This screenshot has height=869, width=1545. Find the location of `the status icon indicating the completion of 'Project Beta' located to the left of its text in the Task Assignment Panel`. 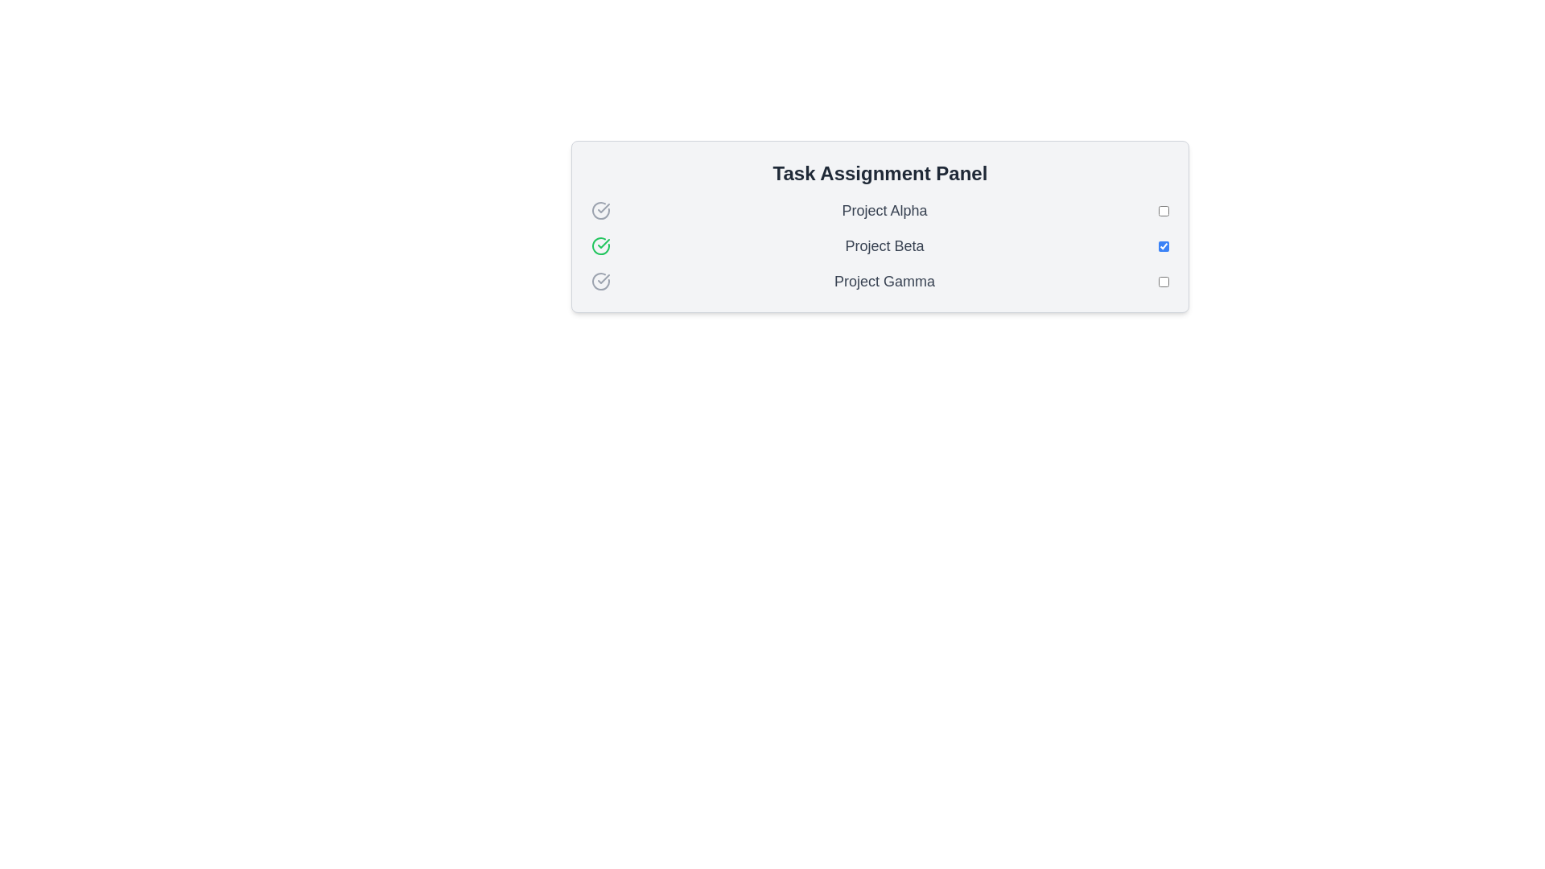

the status icon indicating the completion of 'Project Beta' located to the left of its text in the Task Assignment Panel is located at coordinates (600, 245).